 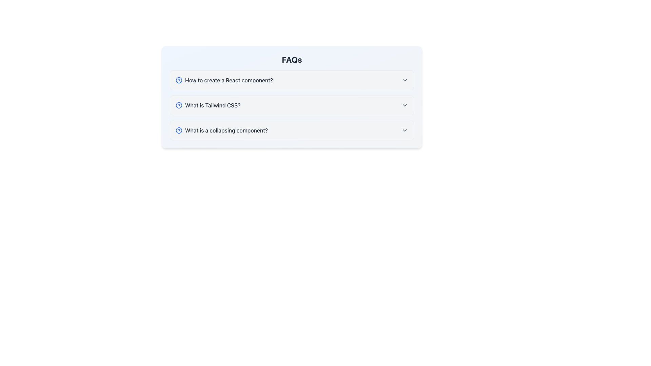 What do you see at coordinates (179, 80) in the screenshot?
I see `the first FAQ icon, which visually indicates the presence of a question related to 'How to create a React component?'` at bounding box center [179, 80].